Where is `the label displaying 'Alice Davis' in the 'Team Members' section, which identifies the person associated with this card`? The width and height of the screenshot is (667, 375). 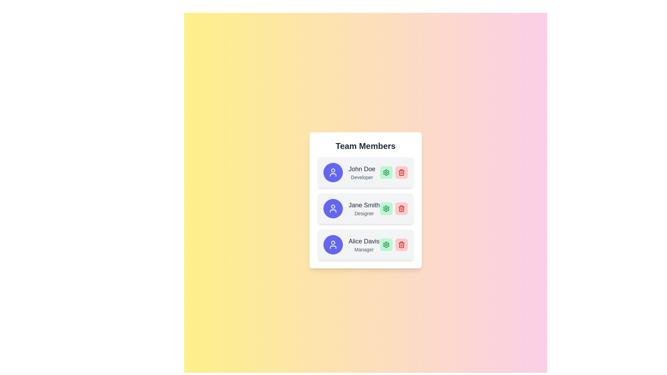 the label displaying 'Alice Davis' in the 'Team Members' section, which identifies the person associated with this card is located at coordinates (363, 241).